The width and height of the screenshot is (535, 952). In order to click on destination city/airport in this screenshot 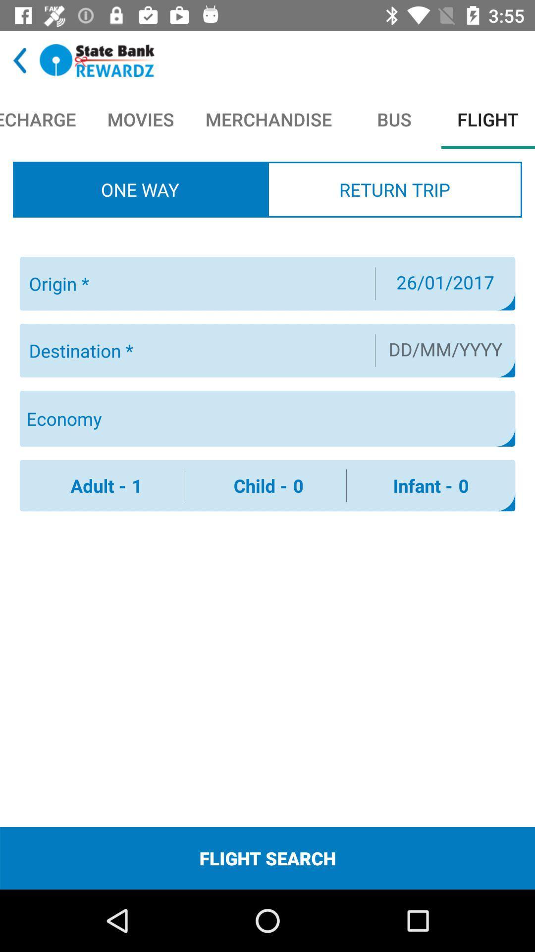, I will do `click(196, 351)`.